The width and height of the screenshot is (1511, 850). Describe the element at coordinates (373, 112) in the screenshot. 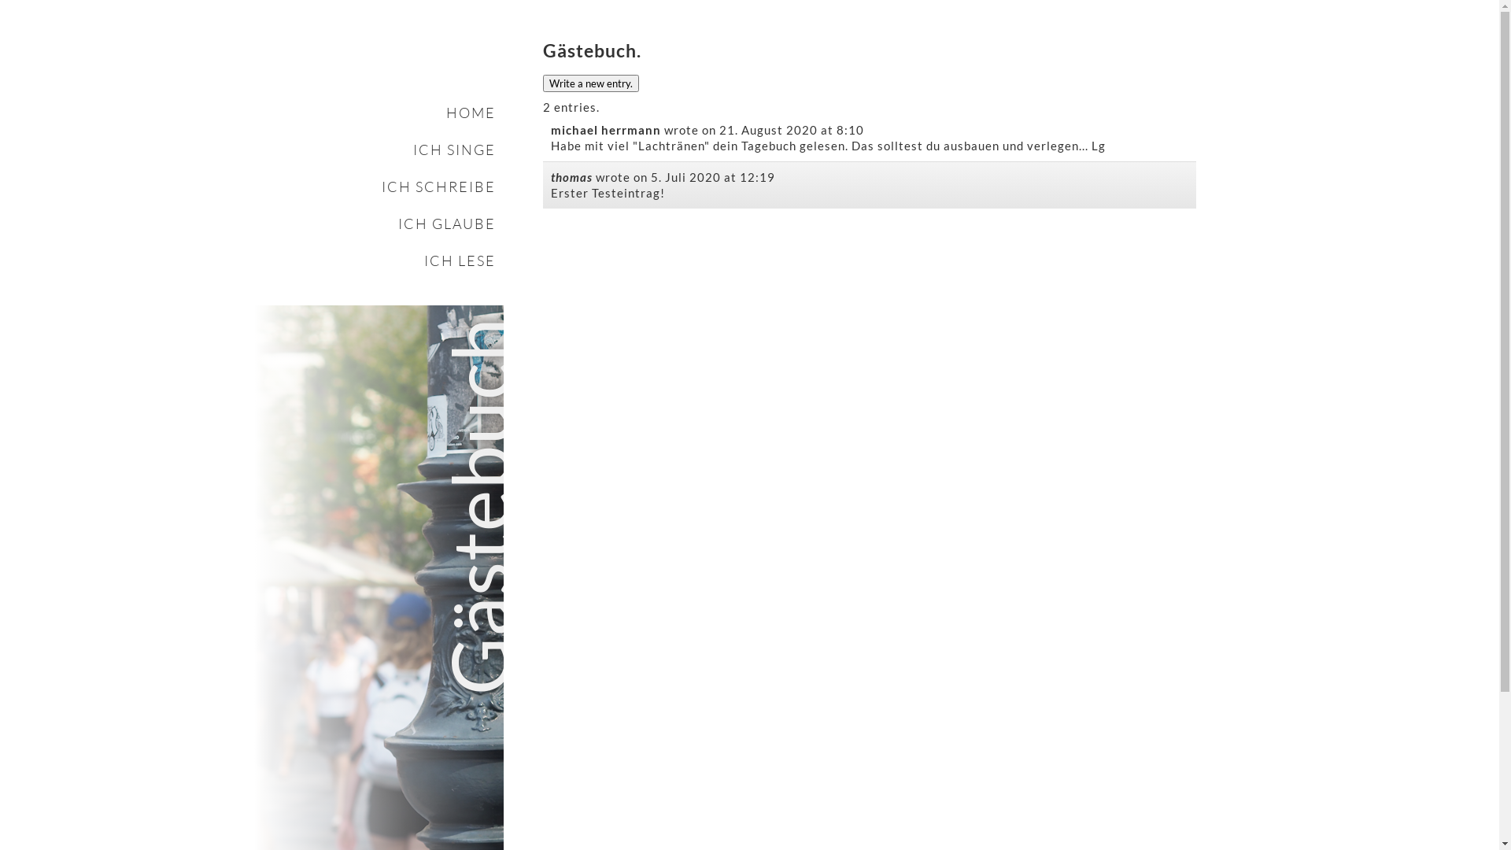

I see `'HOME'` at that location.